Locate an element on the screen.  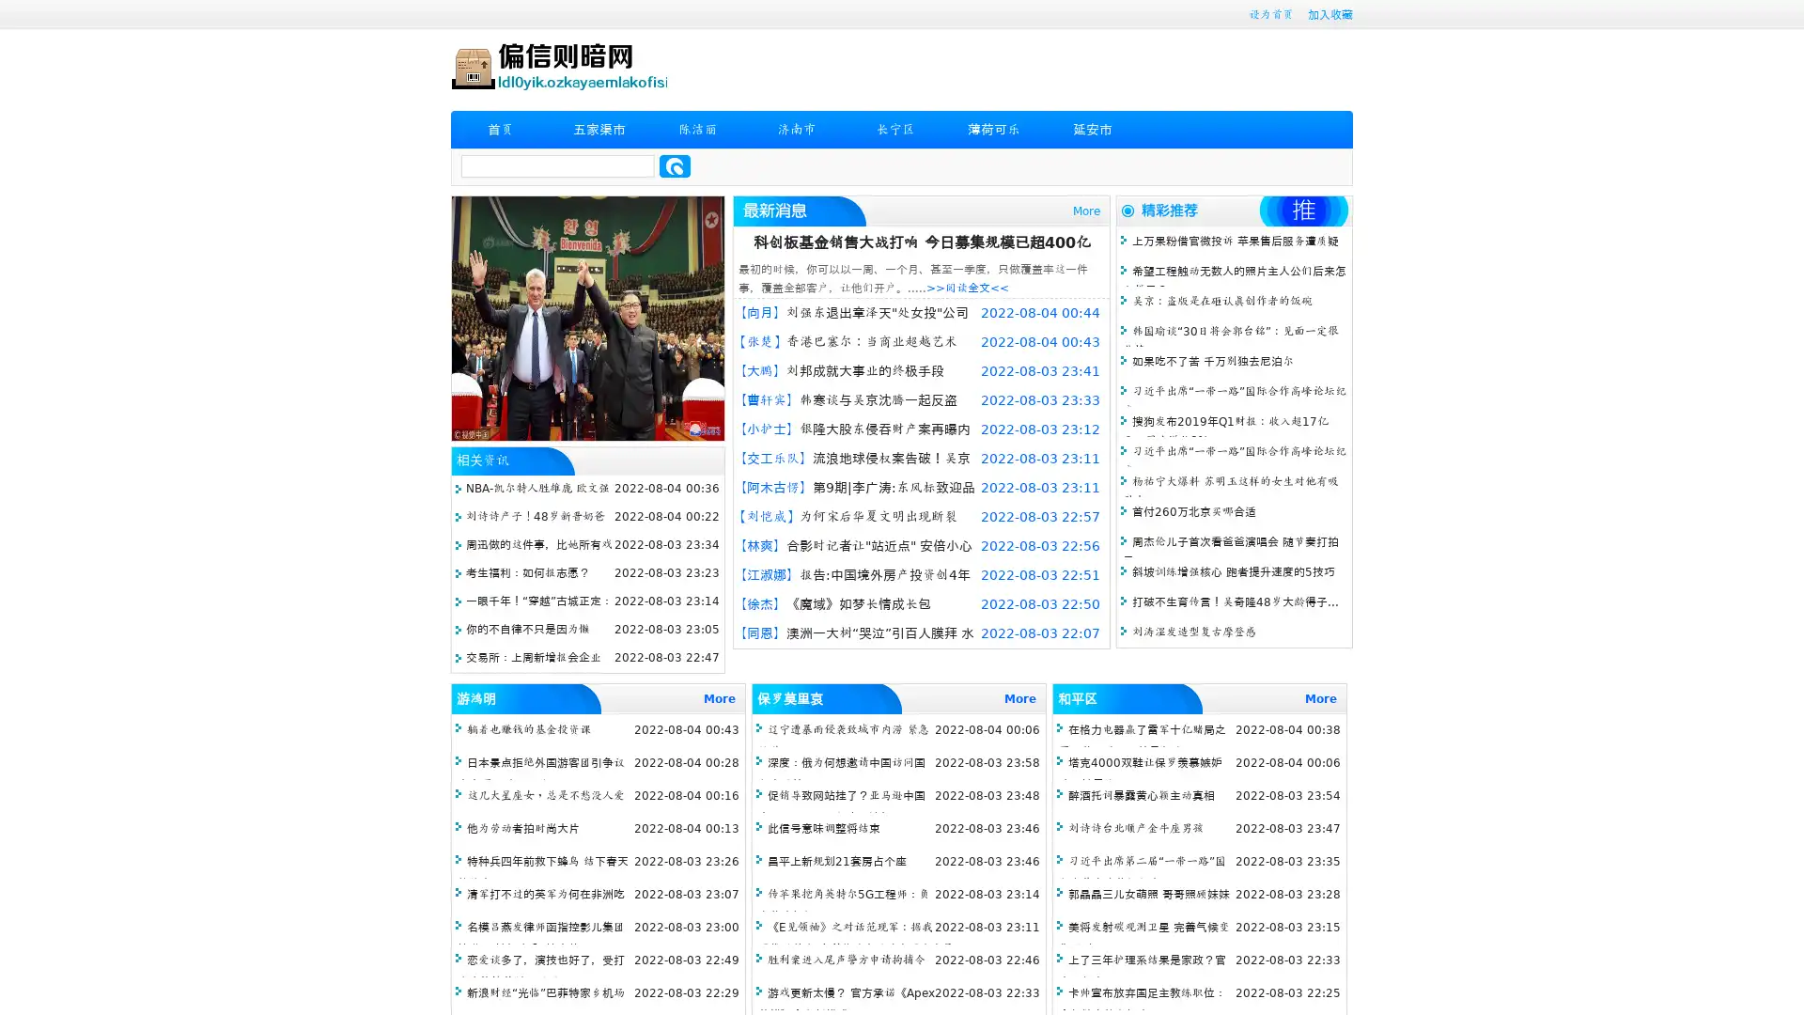
Search is located at coordinates (675, 165).